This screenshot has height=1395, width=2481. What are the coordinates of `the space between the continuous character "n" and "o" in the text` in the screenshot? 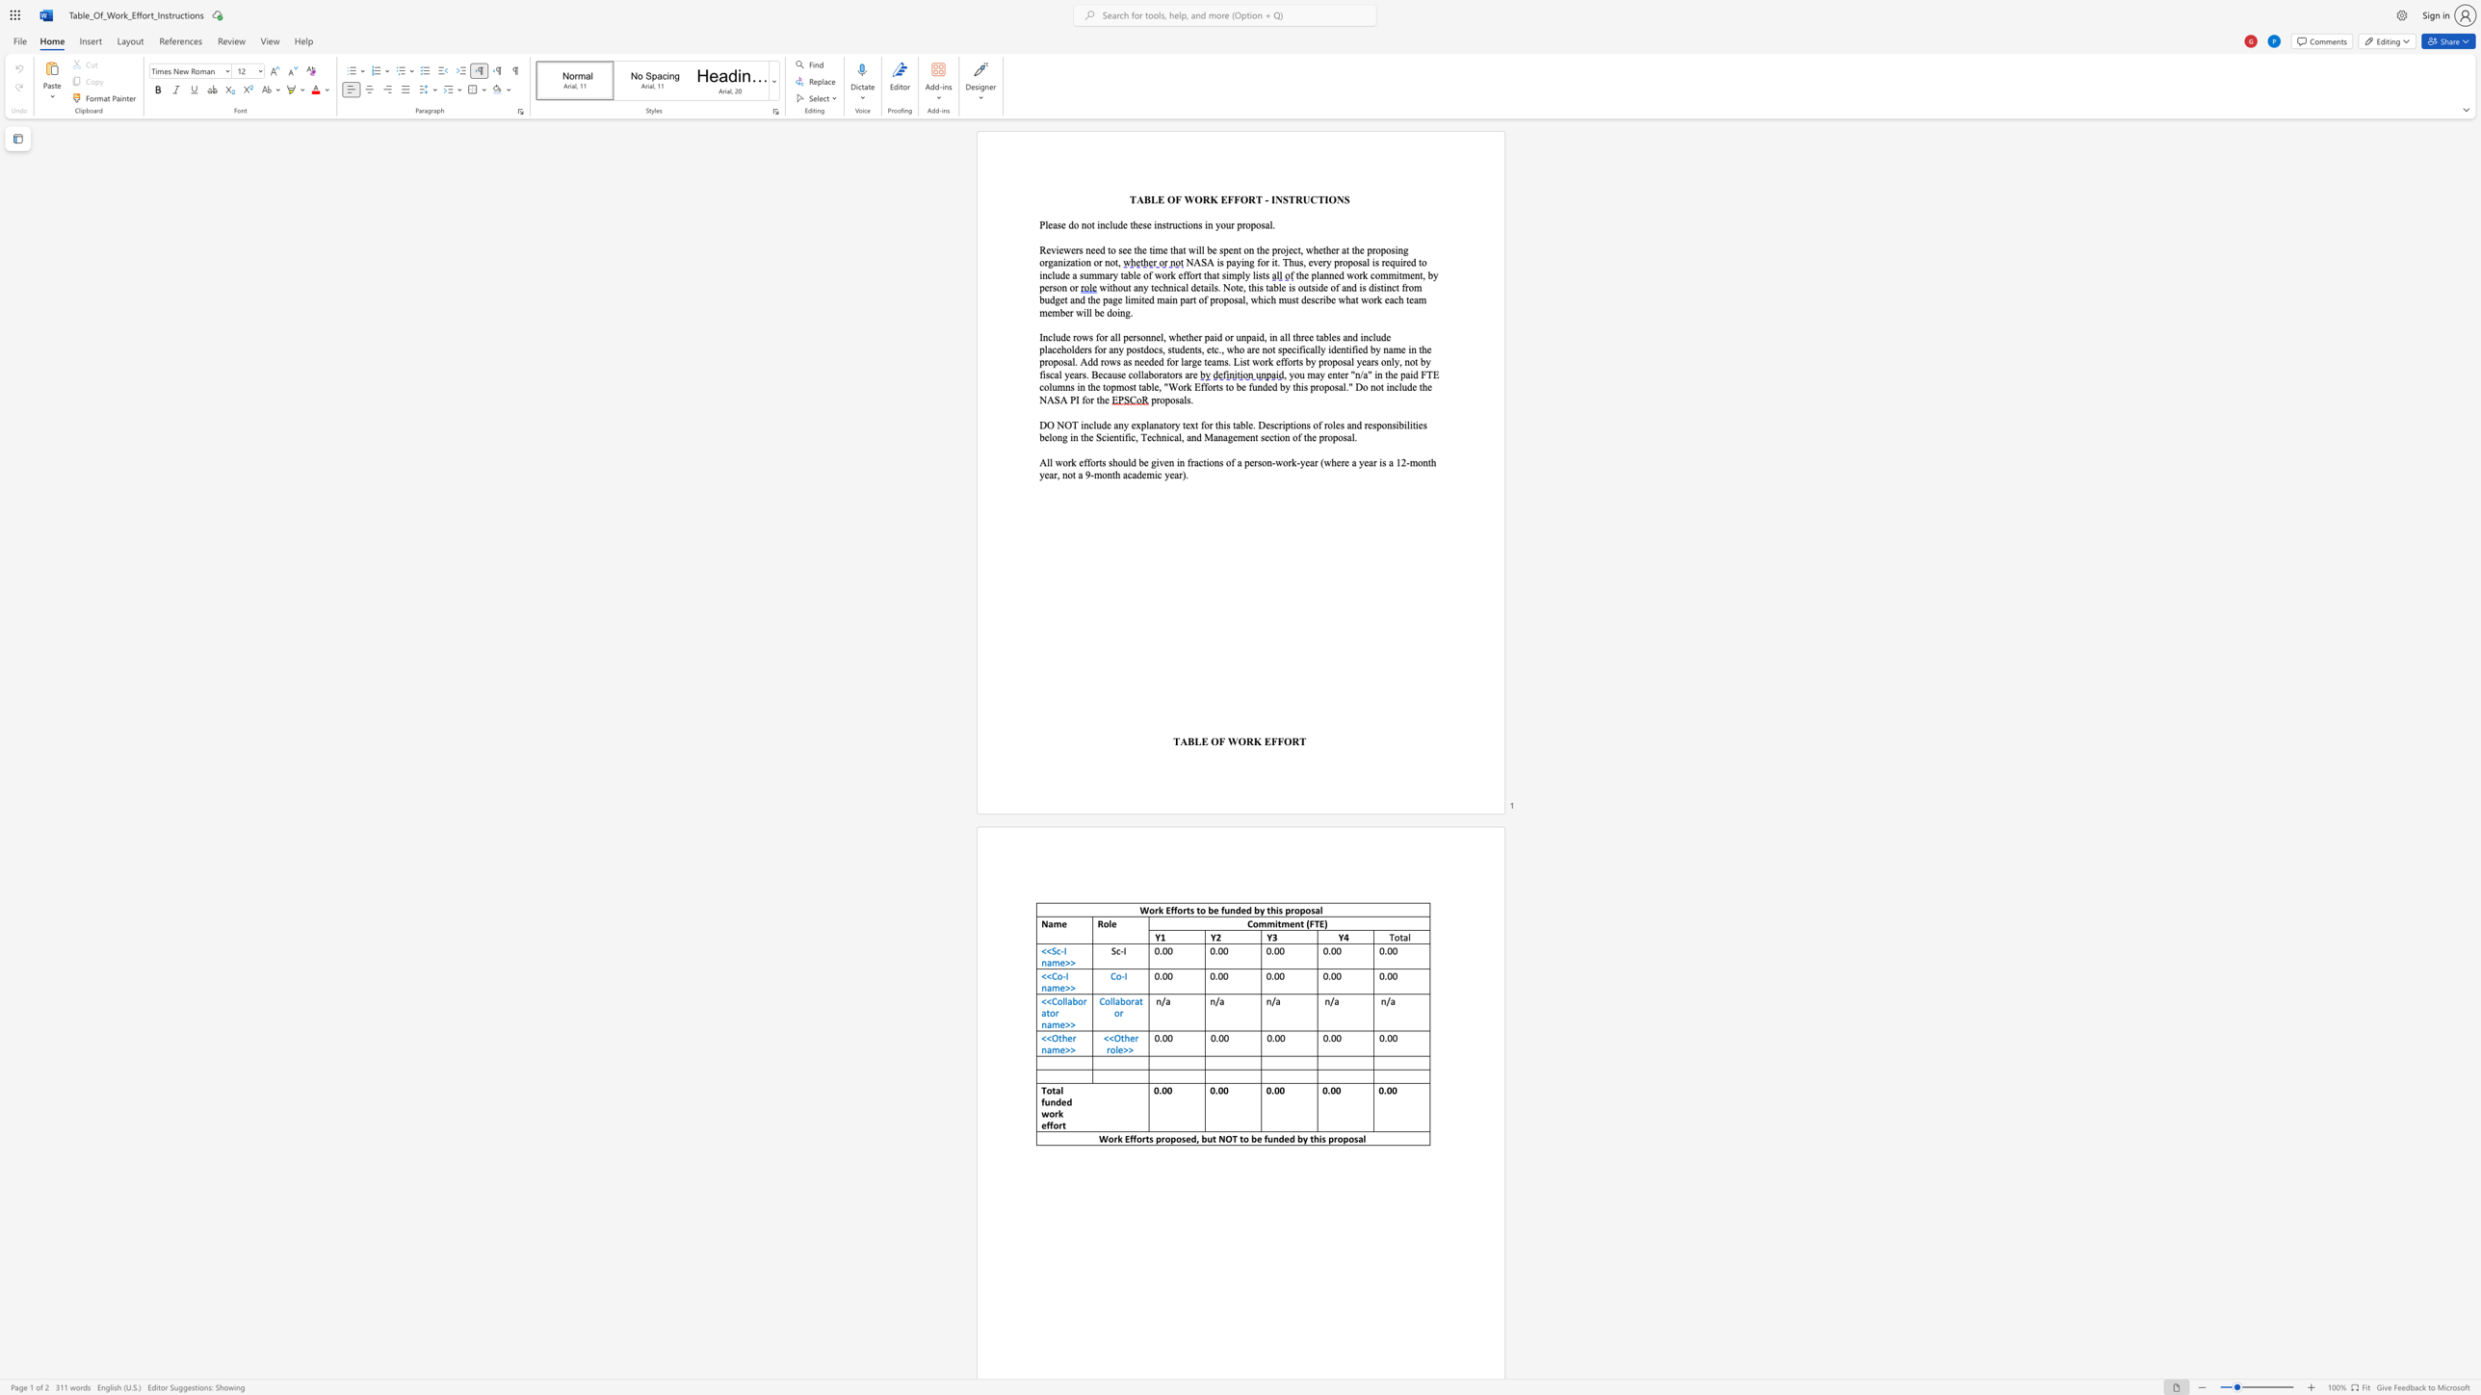 It's located at (1085, 224).